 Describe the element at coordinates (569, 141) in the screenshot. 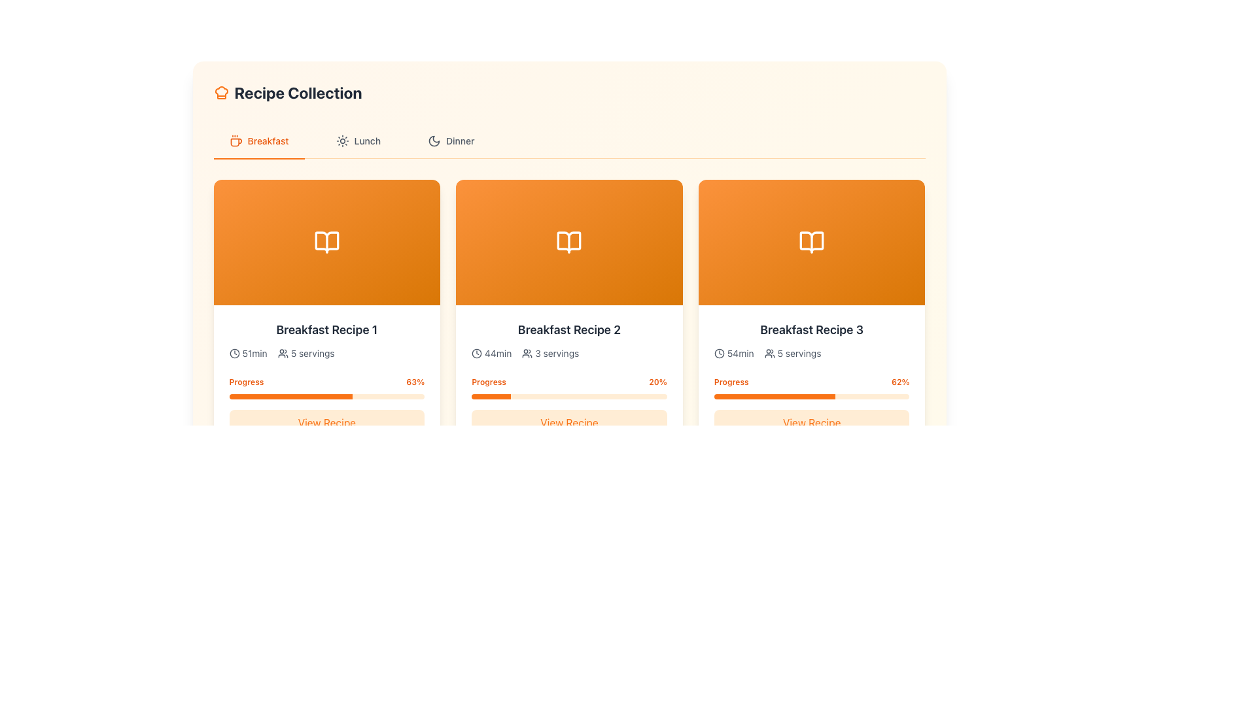

I see `the 'Dinner' tab in the recipe category selector` at that location.